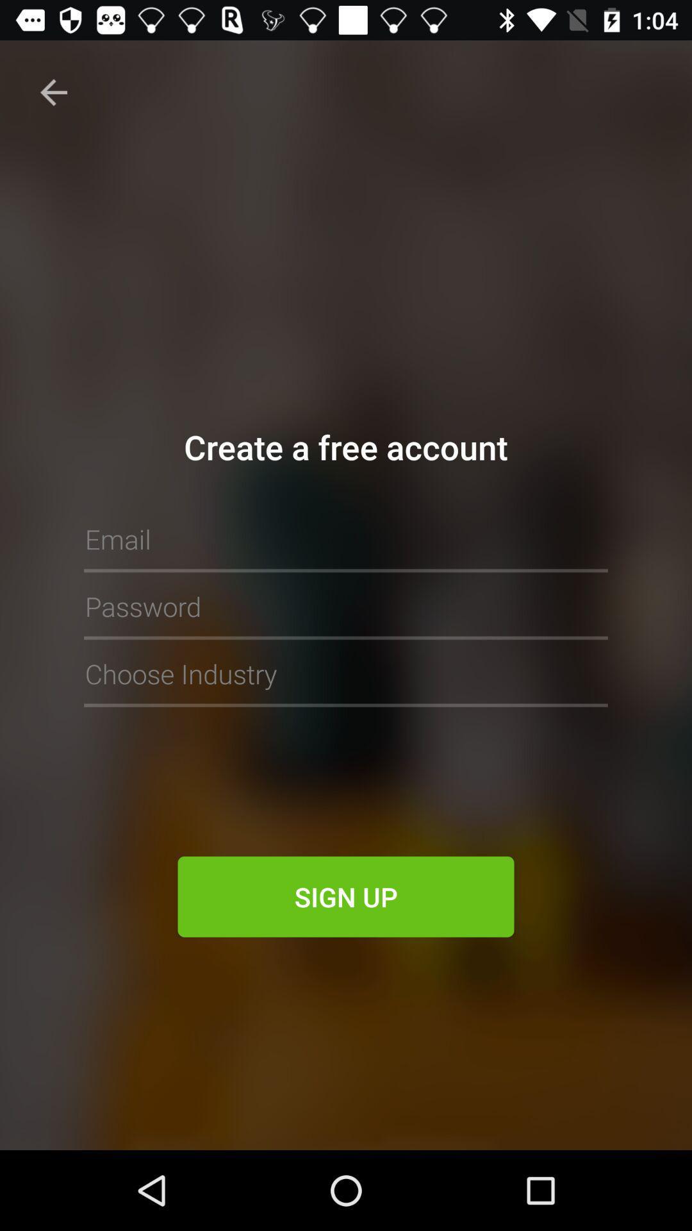  I want to click on back, so click(53, 92).